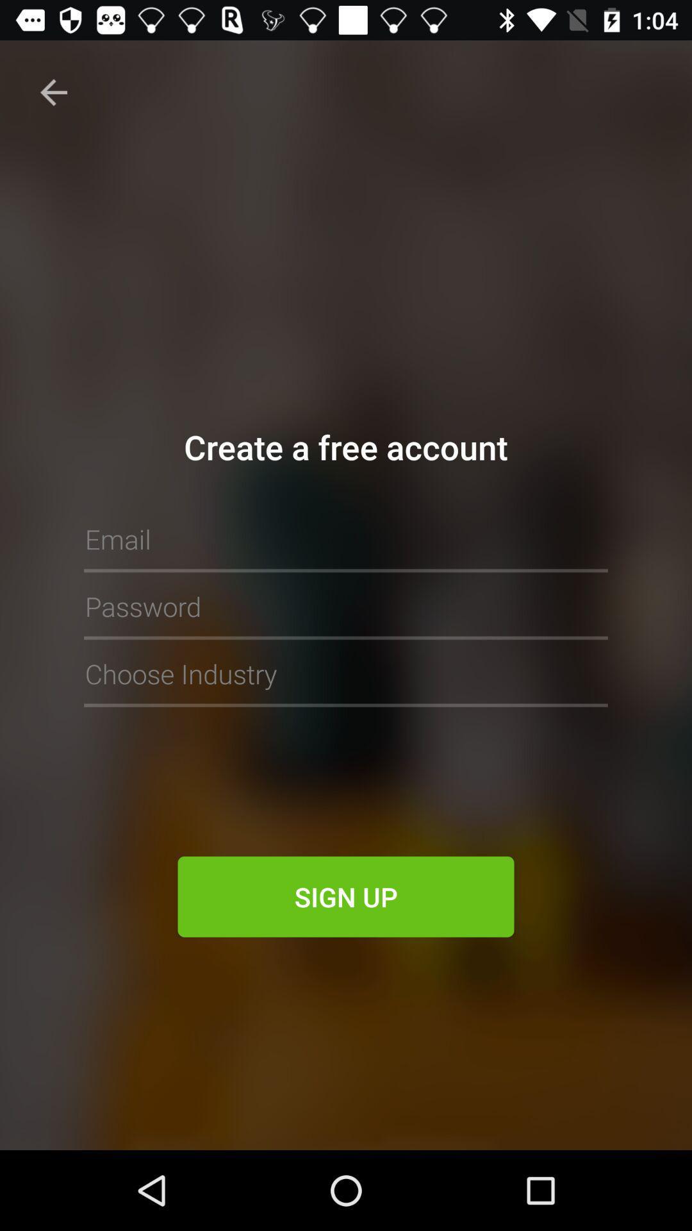  I want to click on back, so click(53, 92).